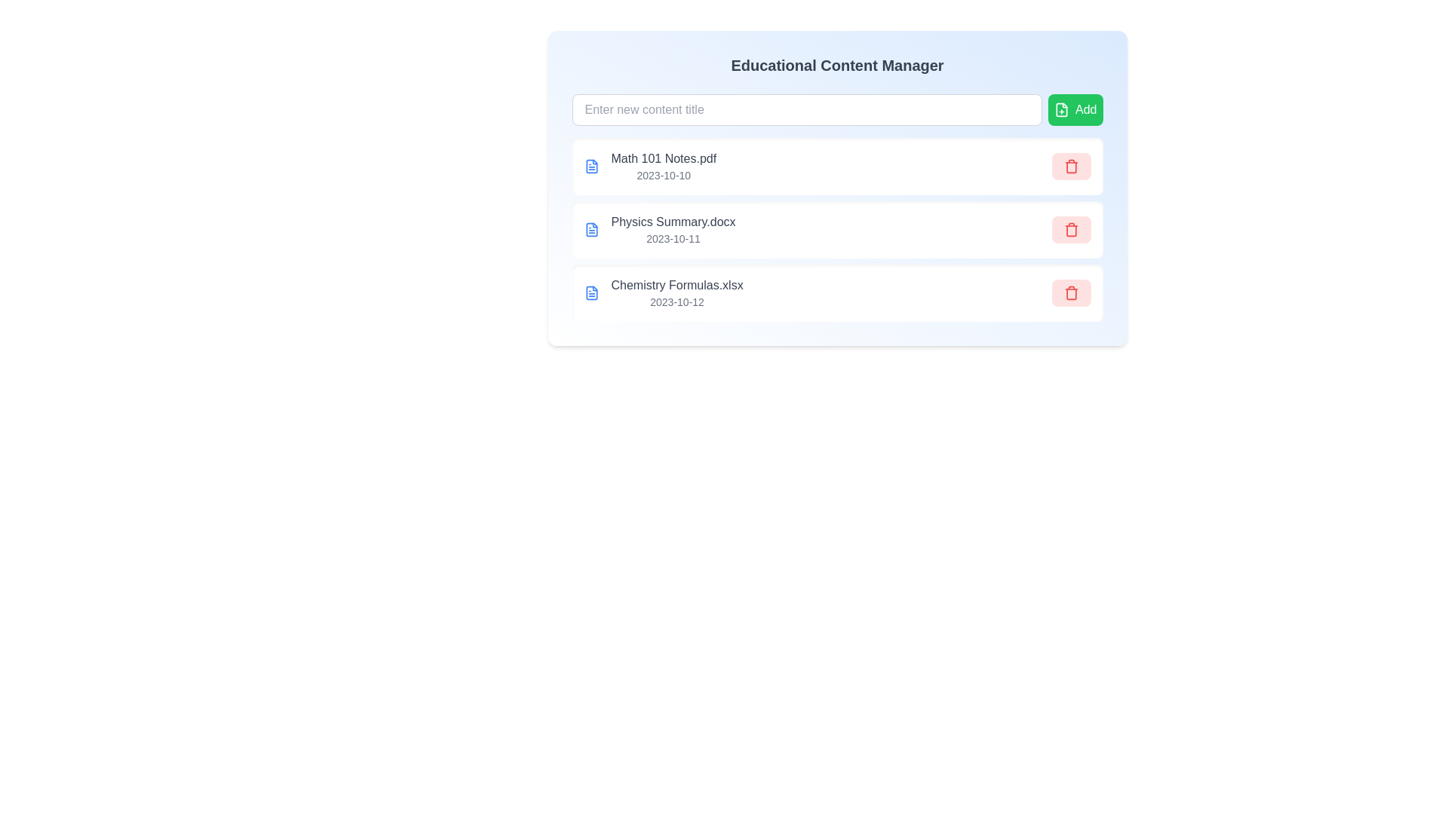 Image resolution: width=1448 pixels, height=814 pixels. What do you see at coordinates (836, 229) in the screenshot?
I see `the second item in the list that represents a file entry, positioned between 'Math 101 Notes.pdf' and 'Chemistry Formulas.xlsx'` at bounding box center [836, 229].